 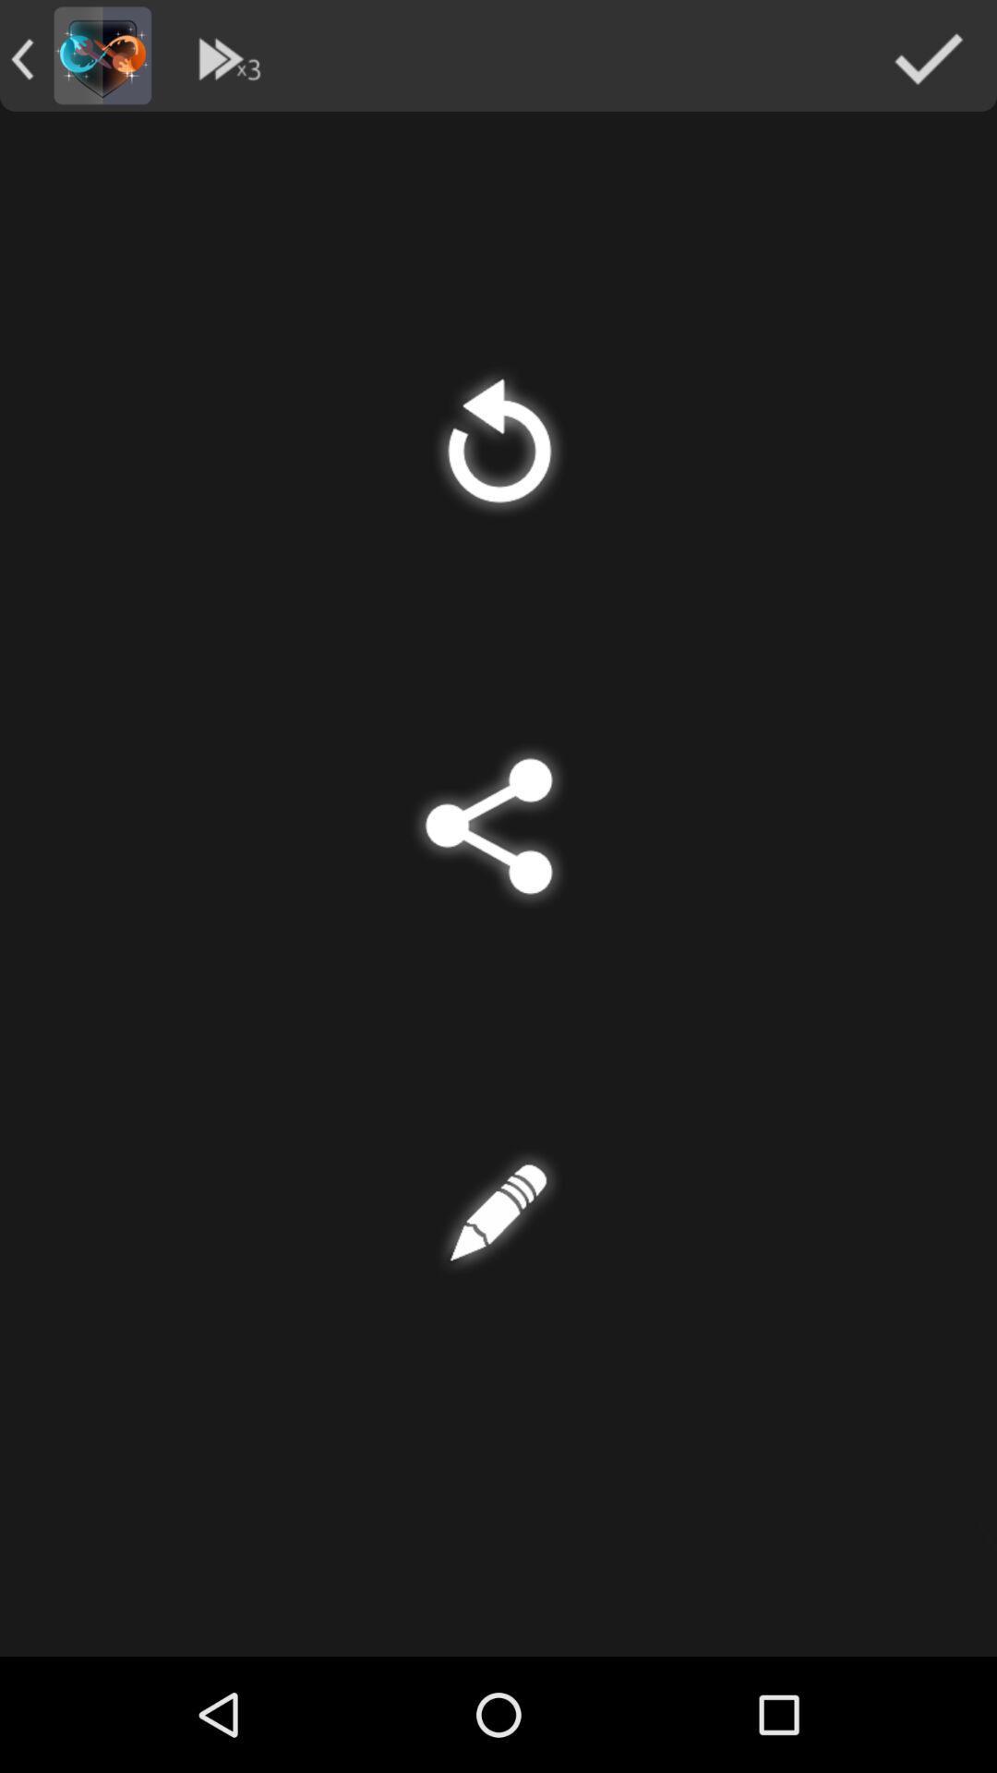 I want to click on the share icon, so click(x=498, y=885).